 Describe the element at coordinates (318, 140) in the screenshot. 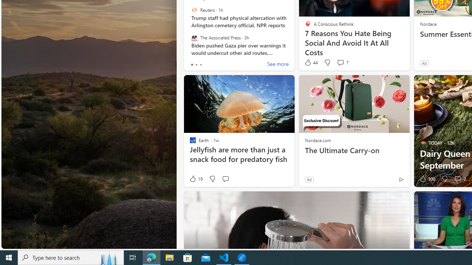

I see `'Nordace.com'` at that location.